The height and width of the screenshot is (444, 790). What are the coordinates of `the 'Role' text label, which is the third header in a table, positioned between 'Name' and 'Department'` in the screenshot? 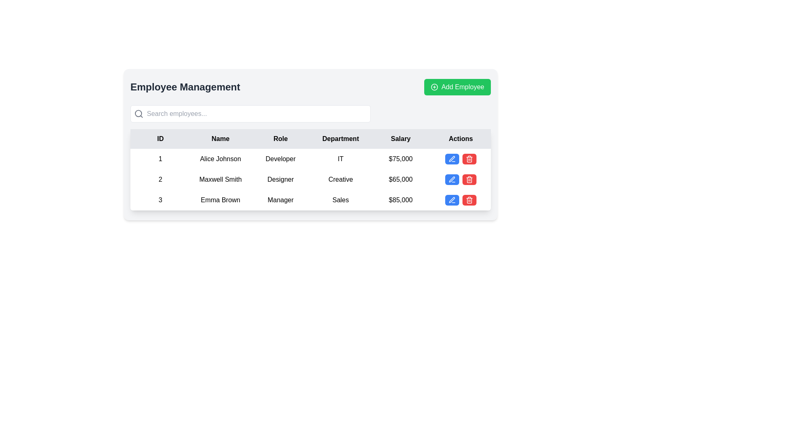 It's located at (280, 139).